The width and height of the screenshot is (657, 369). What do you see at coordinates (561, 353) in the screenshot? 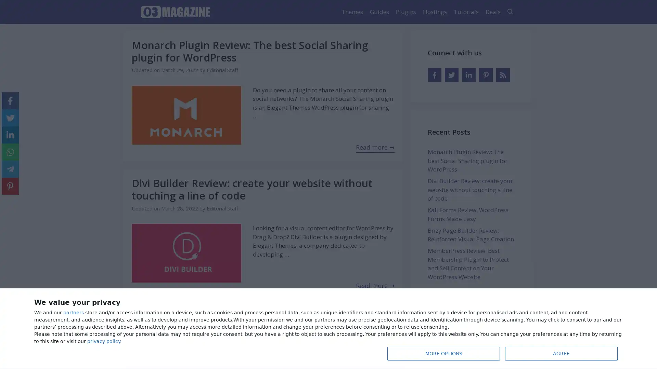
I see `AGREE` at bounding box center [561, 353].